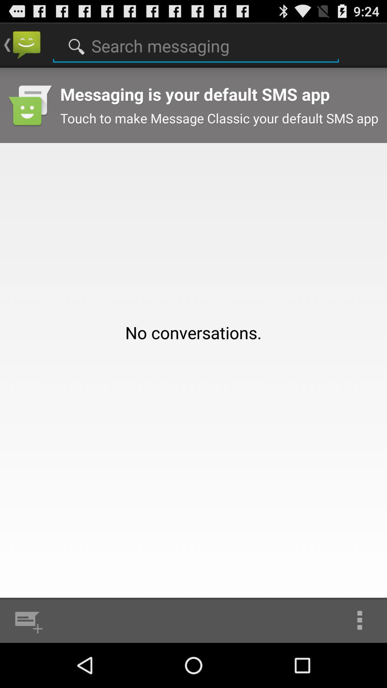 The height and width of the screenshot is (688, 387). I want to click on the icon below the no conversations. icon, so click(27, 620).